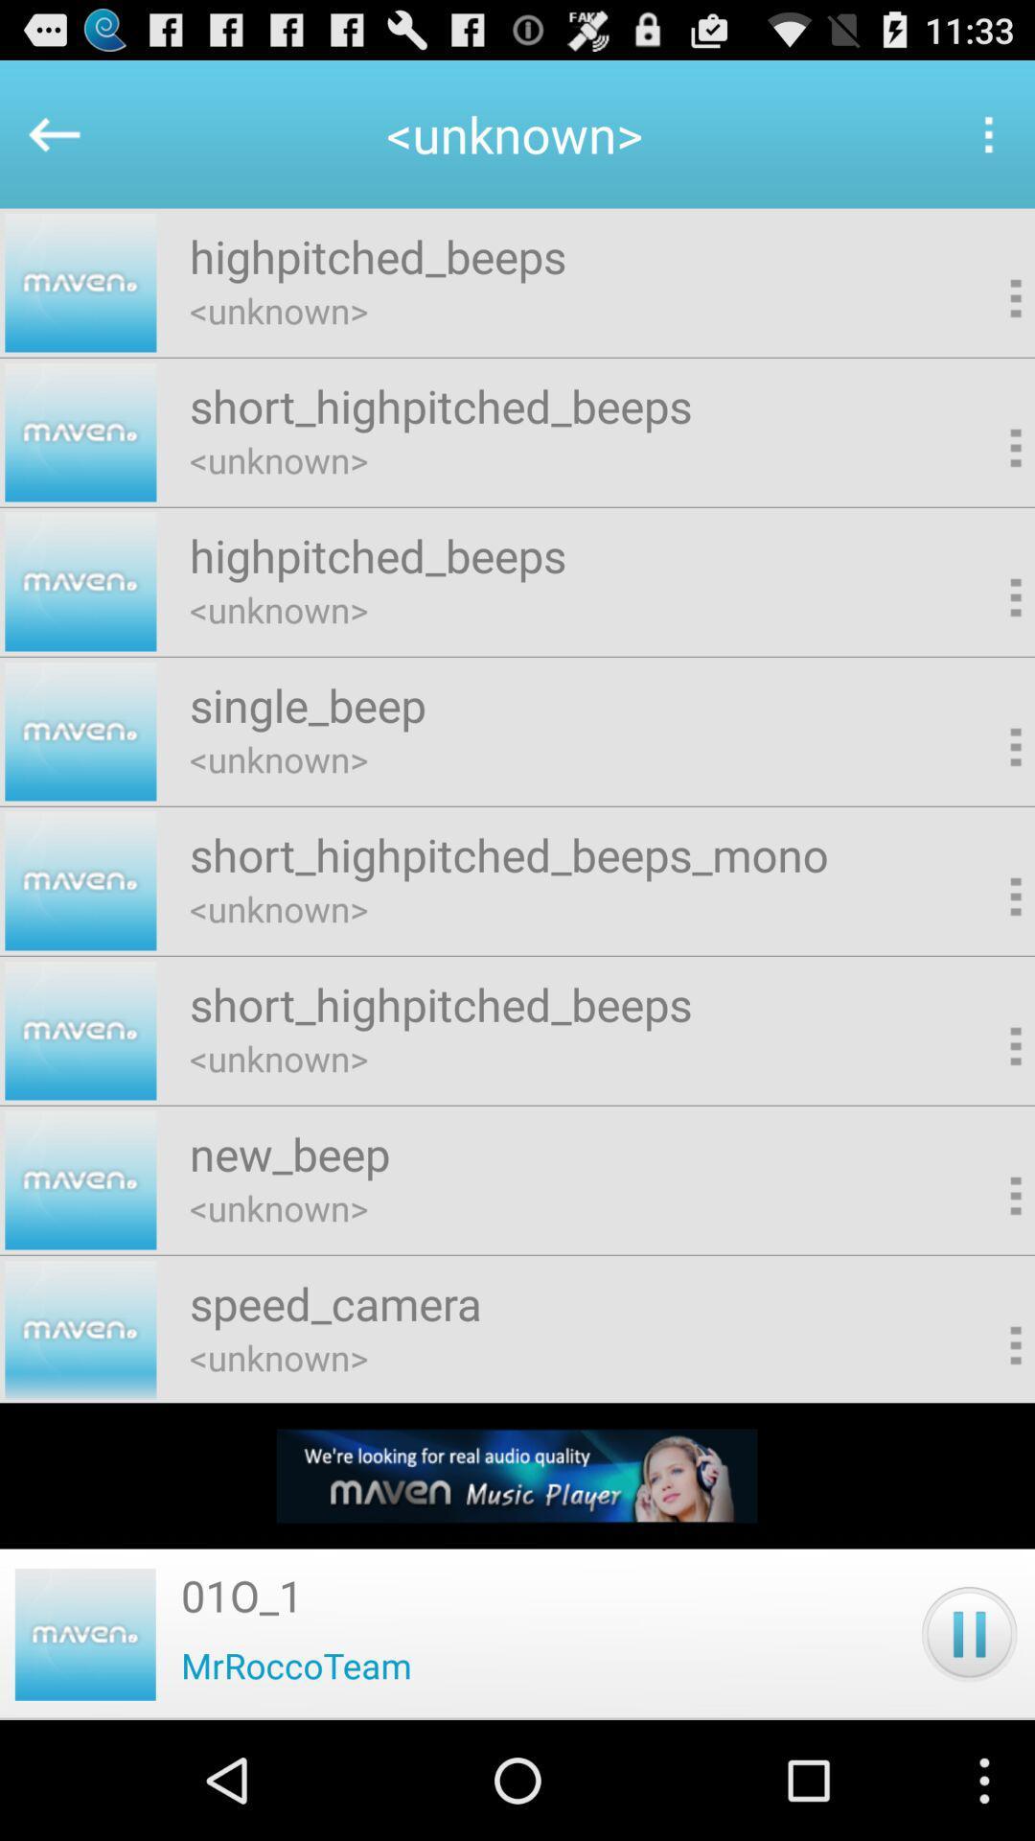  Describe the element at coordinates (984, 1441) in the screenshot. I see `the more icon` at that location.